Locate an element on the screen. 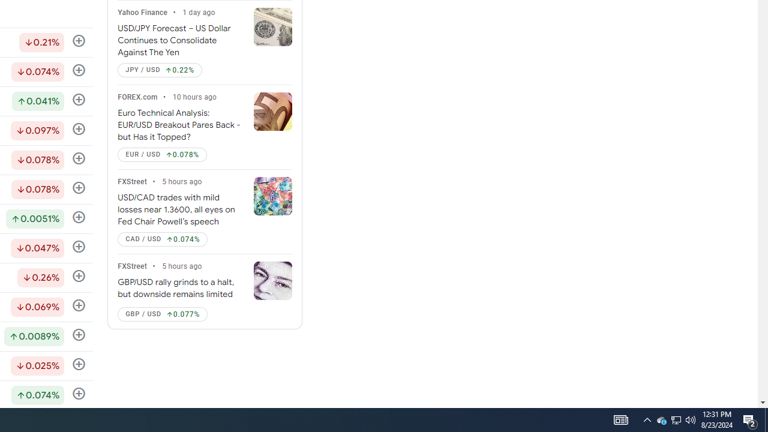  'JPY / USD Up by 0.22%' is located at coordinates (159, 70).